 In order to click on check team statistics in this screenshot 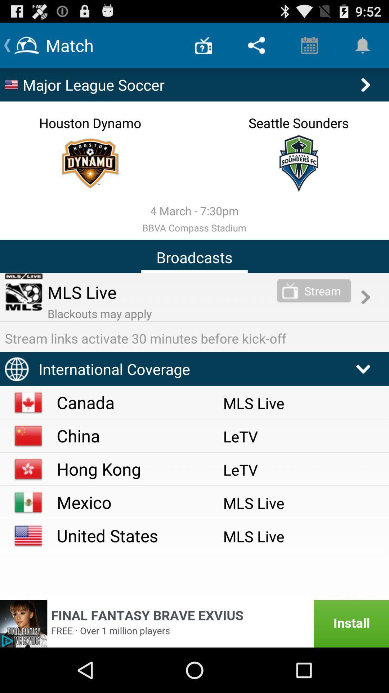, I will do `click(90, 163)`.